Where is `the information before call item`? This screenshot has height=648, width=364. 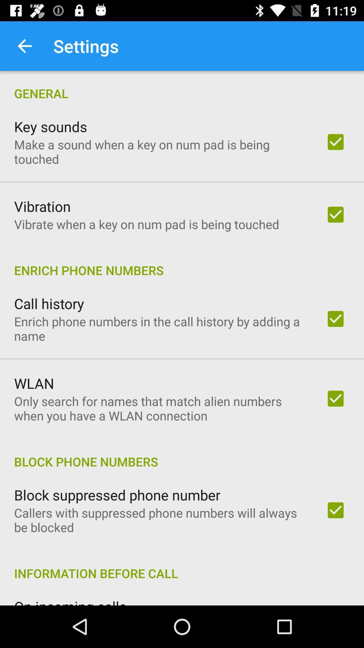 the information before call item is located at coordinates (182, 566).